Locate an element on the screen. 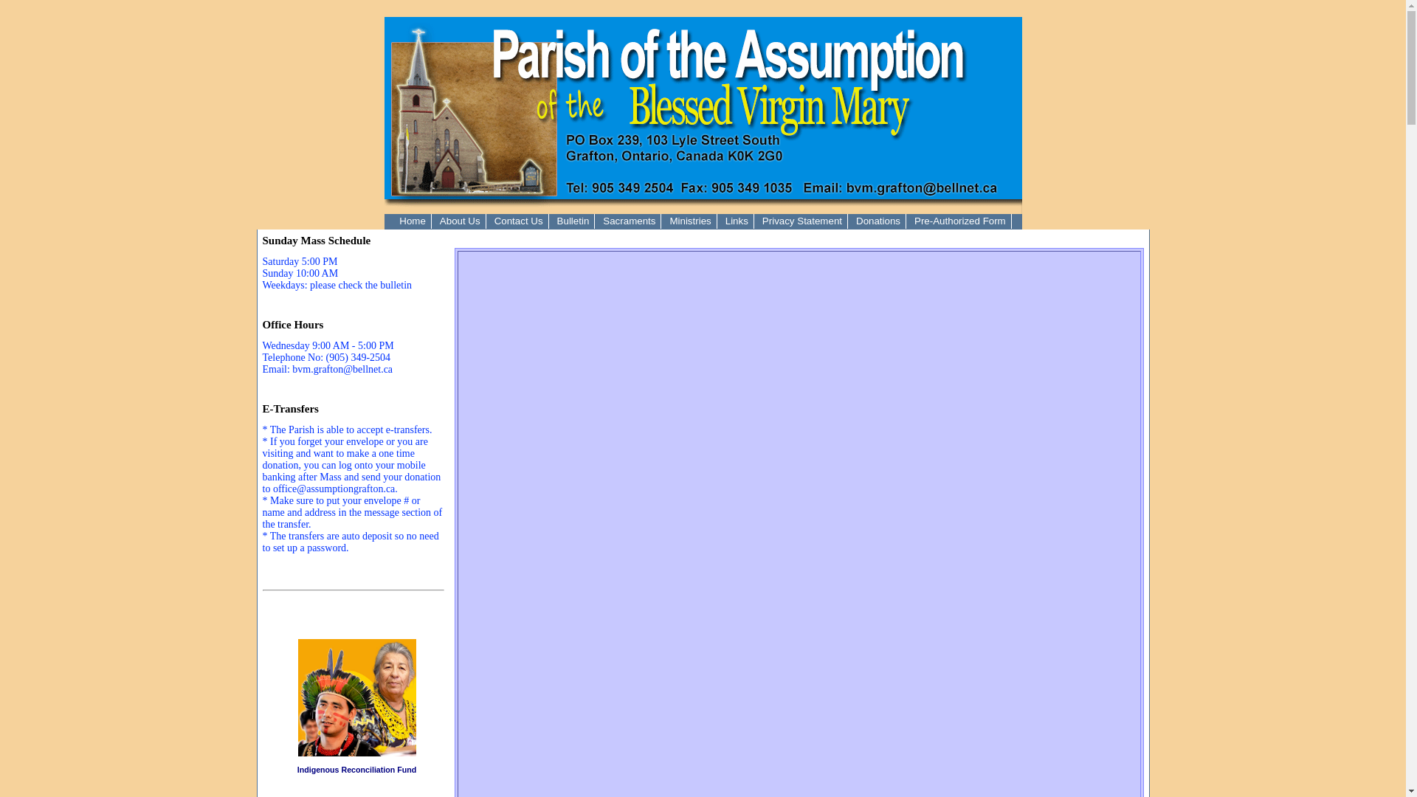 The width and height of the screenshot is (1417, 797). 'Links' is located at coordinates (720, 221).